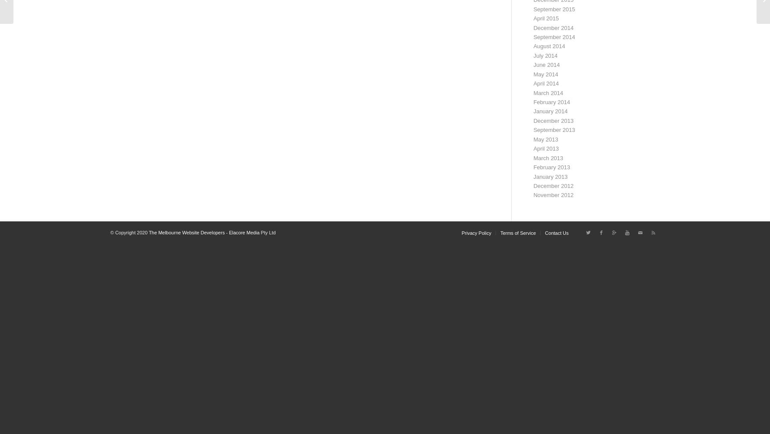 The width and height of the screenshot is (770, 434). What do you see at coordinates (551, 167) in the screenshot?
I see `'February 2013'` at bounding box center [551, 167].